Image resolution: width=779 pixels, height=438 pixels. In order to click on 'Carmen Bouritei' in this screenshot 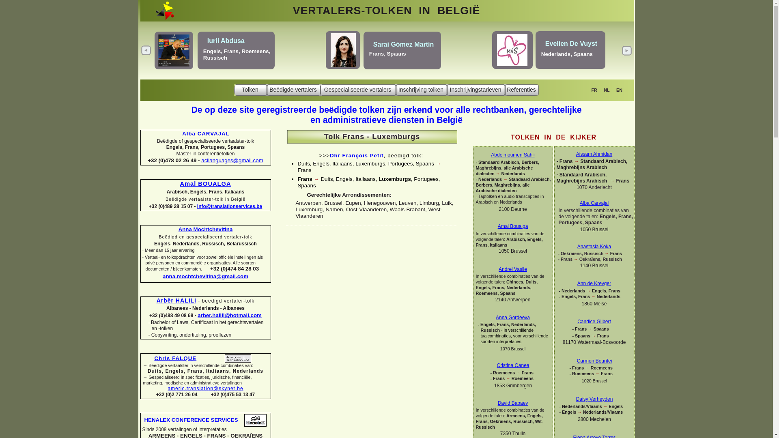, I will do `click(594, 361)`.